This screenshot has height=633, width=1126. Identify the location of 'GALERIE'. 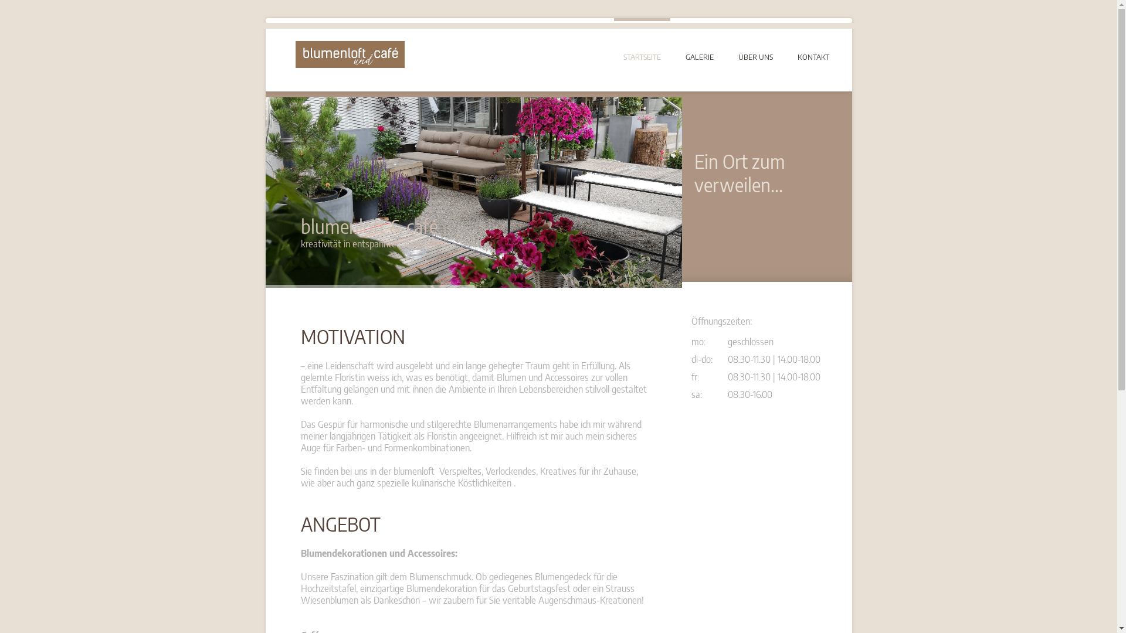
(698, 39).